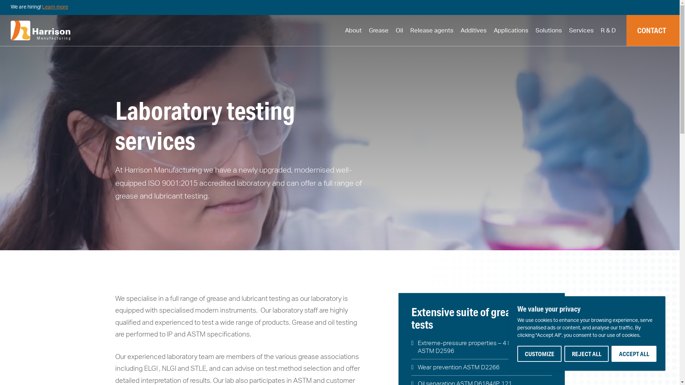  I want to click on 'Solutions', so click(548, 30).